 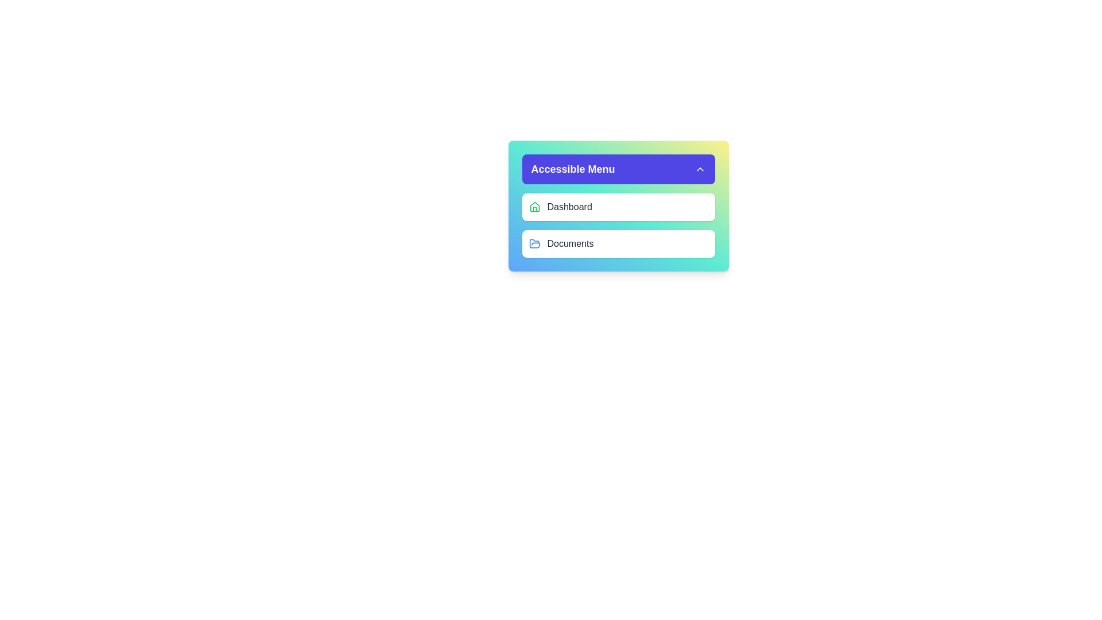 What do you see at coordinates (570, 243) in the screenshot?
I see `the 'Documents' text label which is the second item in a vertical list, representing a navigation option` at bounding box center [570, 243].